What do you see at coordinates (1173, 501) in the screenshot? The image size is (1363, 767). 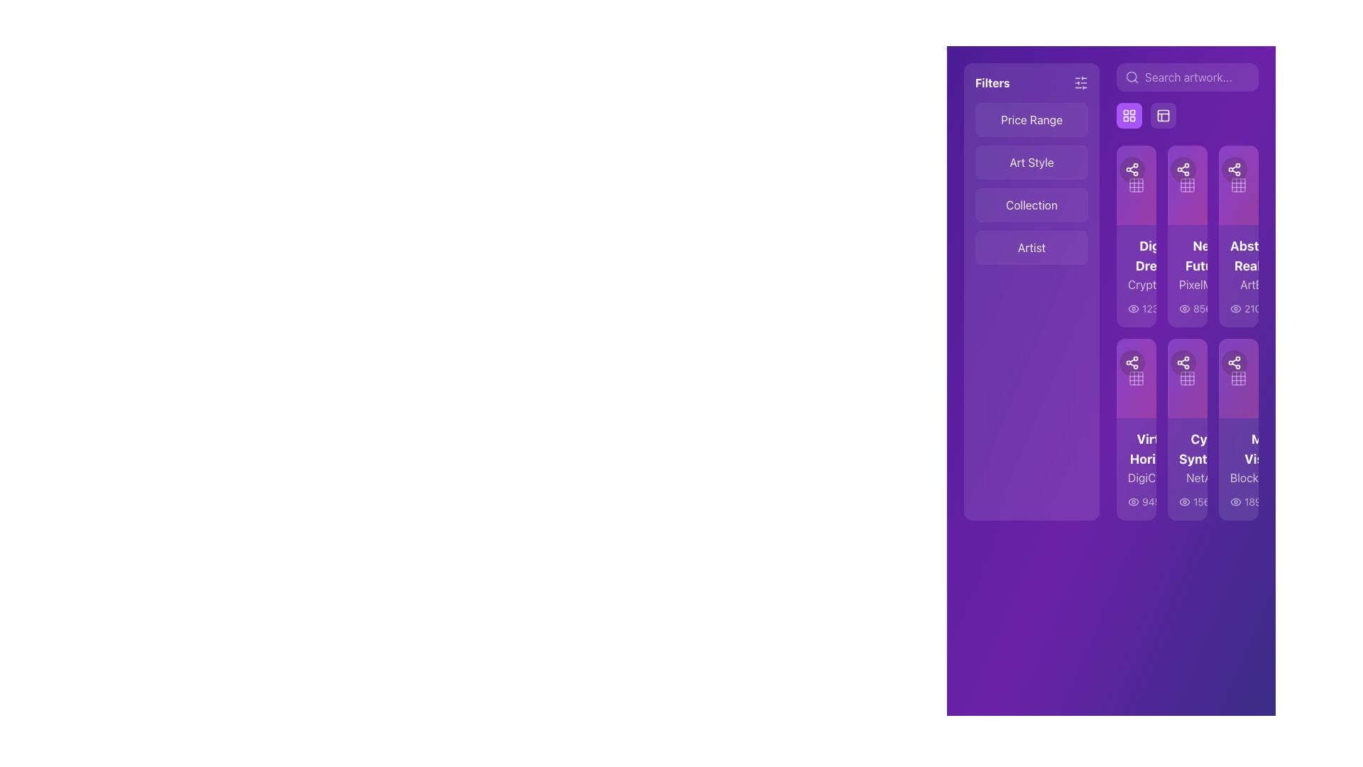 I see `the numerical label displaying '78', which is styled with light-colored text on a dark background and located to the right of a heart icon in a horizontal grouping` at bounding box center [1173, 501].